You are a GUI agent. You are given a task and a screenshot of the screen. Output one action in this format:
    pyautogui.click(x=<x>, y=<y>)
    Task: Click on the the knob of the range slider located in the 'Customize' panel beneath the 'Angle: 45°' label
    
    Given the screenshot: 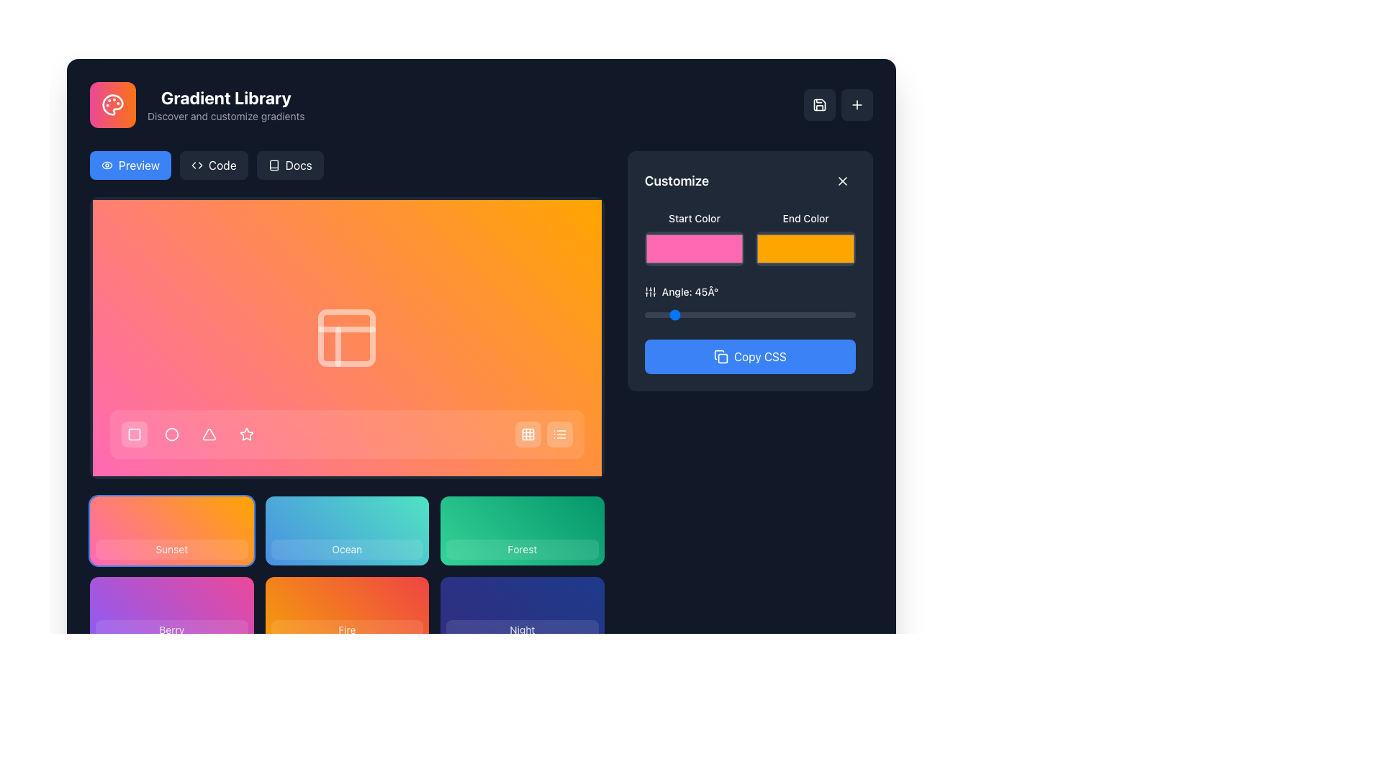 What is the action you would take?
    pyautogui.click(x=749, y=314)
    